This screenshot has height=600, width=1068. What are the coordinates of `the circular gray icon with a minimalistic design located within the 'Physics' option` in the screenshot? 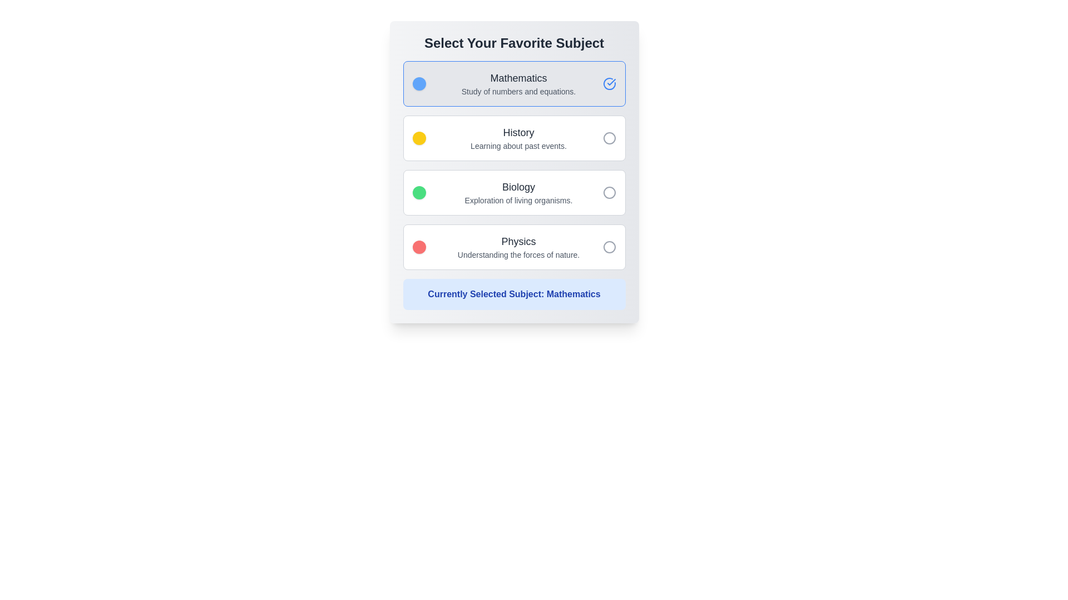 It's located at (609, 246).